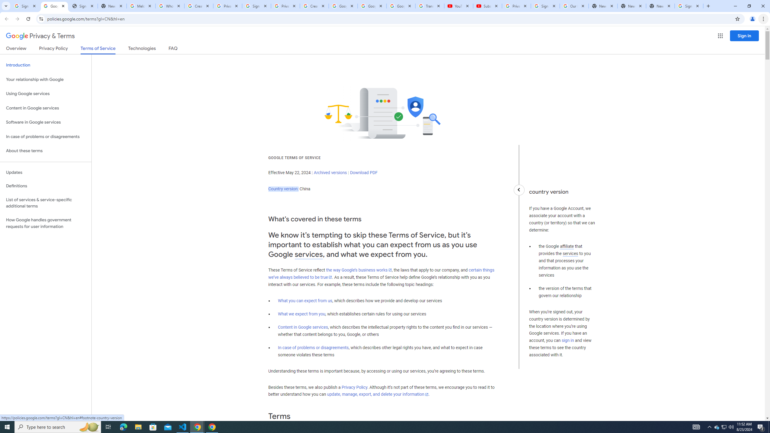 The height and width of the screenshot is (433, 770). What do you see at coordinates (301, 314) in the screenshot?
I see `'What we expect from you'` at bounding box center [301, 314].